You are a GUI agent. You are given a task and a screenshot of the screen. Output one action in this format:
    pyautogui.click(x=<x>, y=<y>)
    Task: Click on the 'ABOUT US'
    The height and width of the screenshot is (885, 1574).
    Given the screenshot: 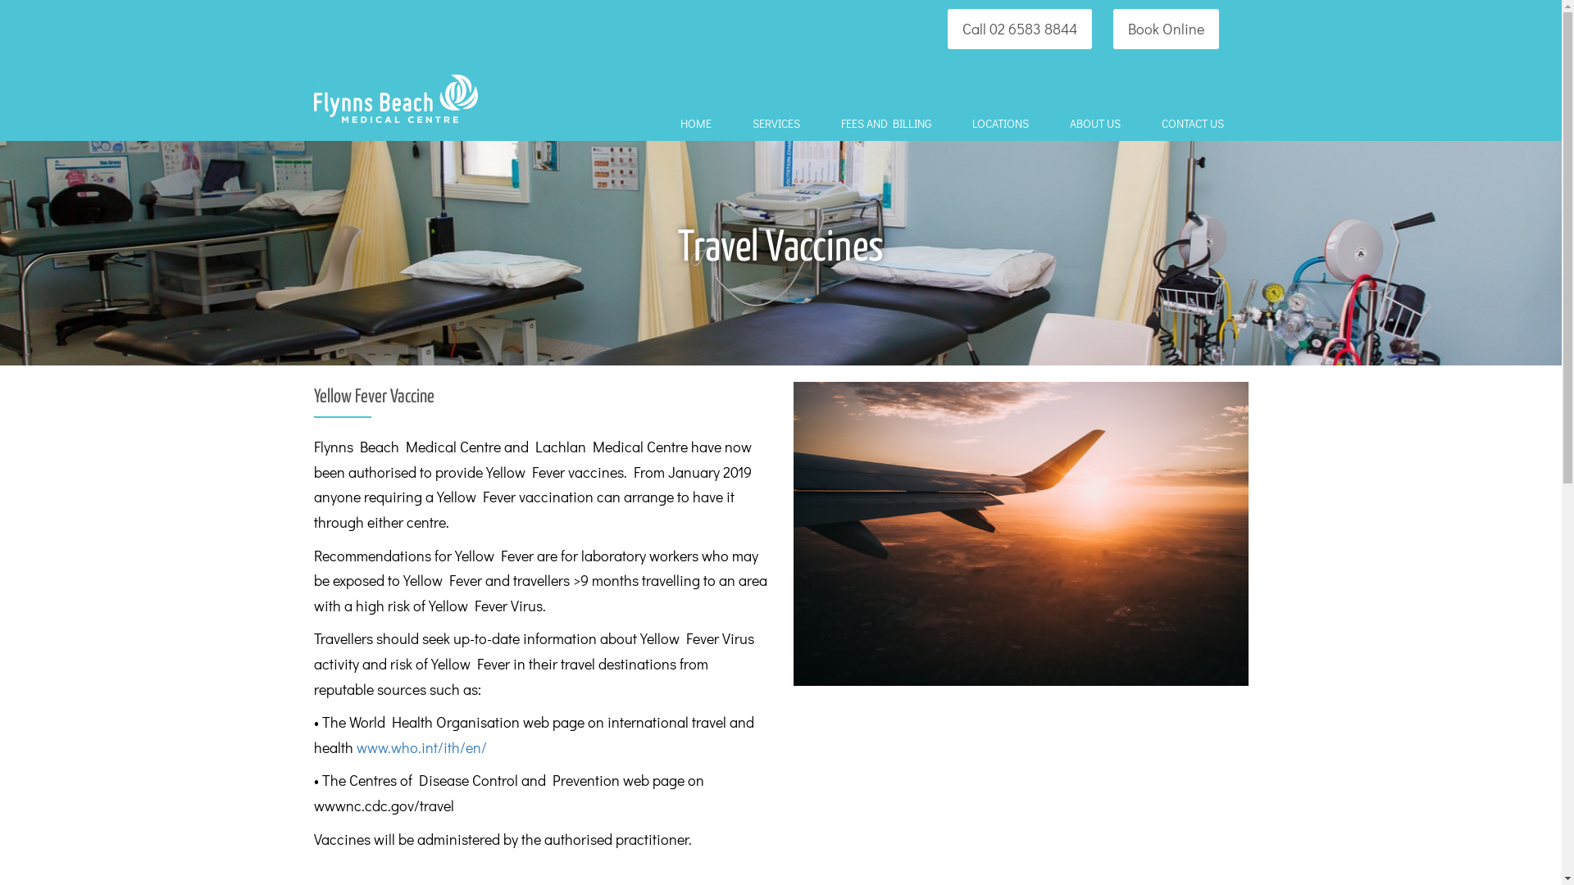 What is the action you would take?
    pyautogui.click(x=1098, y=123)
    